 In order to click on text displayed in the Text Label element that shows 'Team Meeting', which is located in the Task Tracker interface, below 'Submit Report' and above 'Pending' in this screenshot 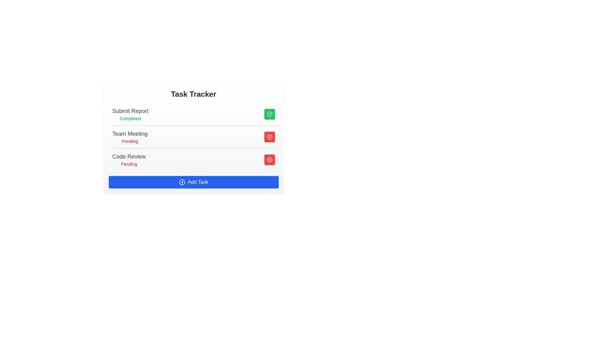, I will do `click(130, 133)`.